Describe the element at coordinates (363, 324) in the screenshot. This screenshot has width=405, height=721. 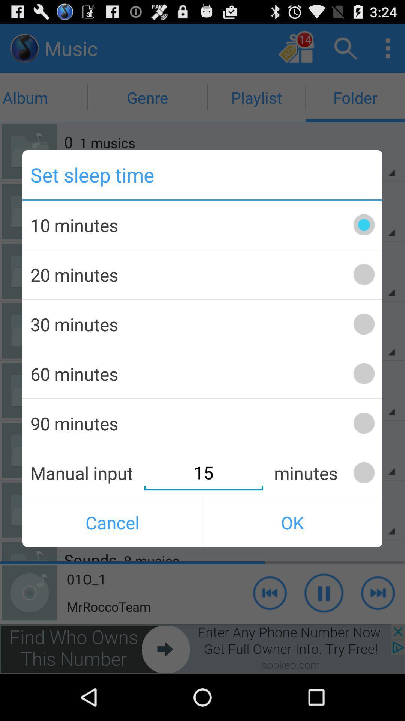
I see `set sleep time option` at that location.